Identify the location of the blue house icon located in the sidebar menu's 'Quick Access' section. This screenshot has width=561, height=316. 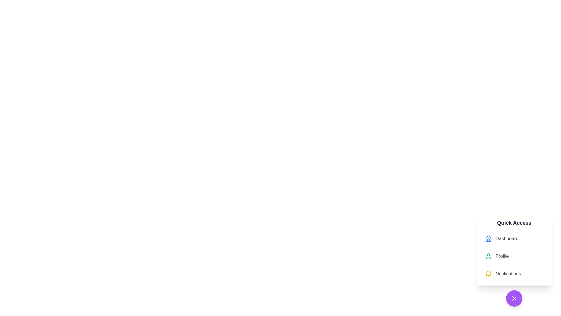
(488, 238).